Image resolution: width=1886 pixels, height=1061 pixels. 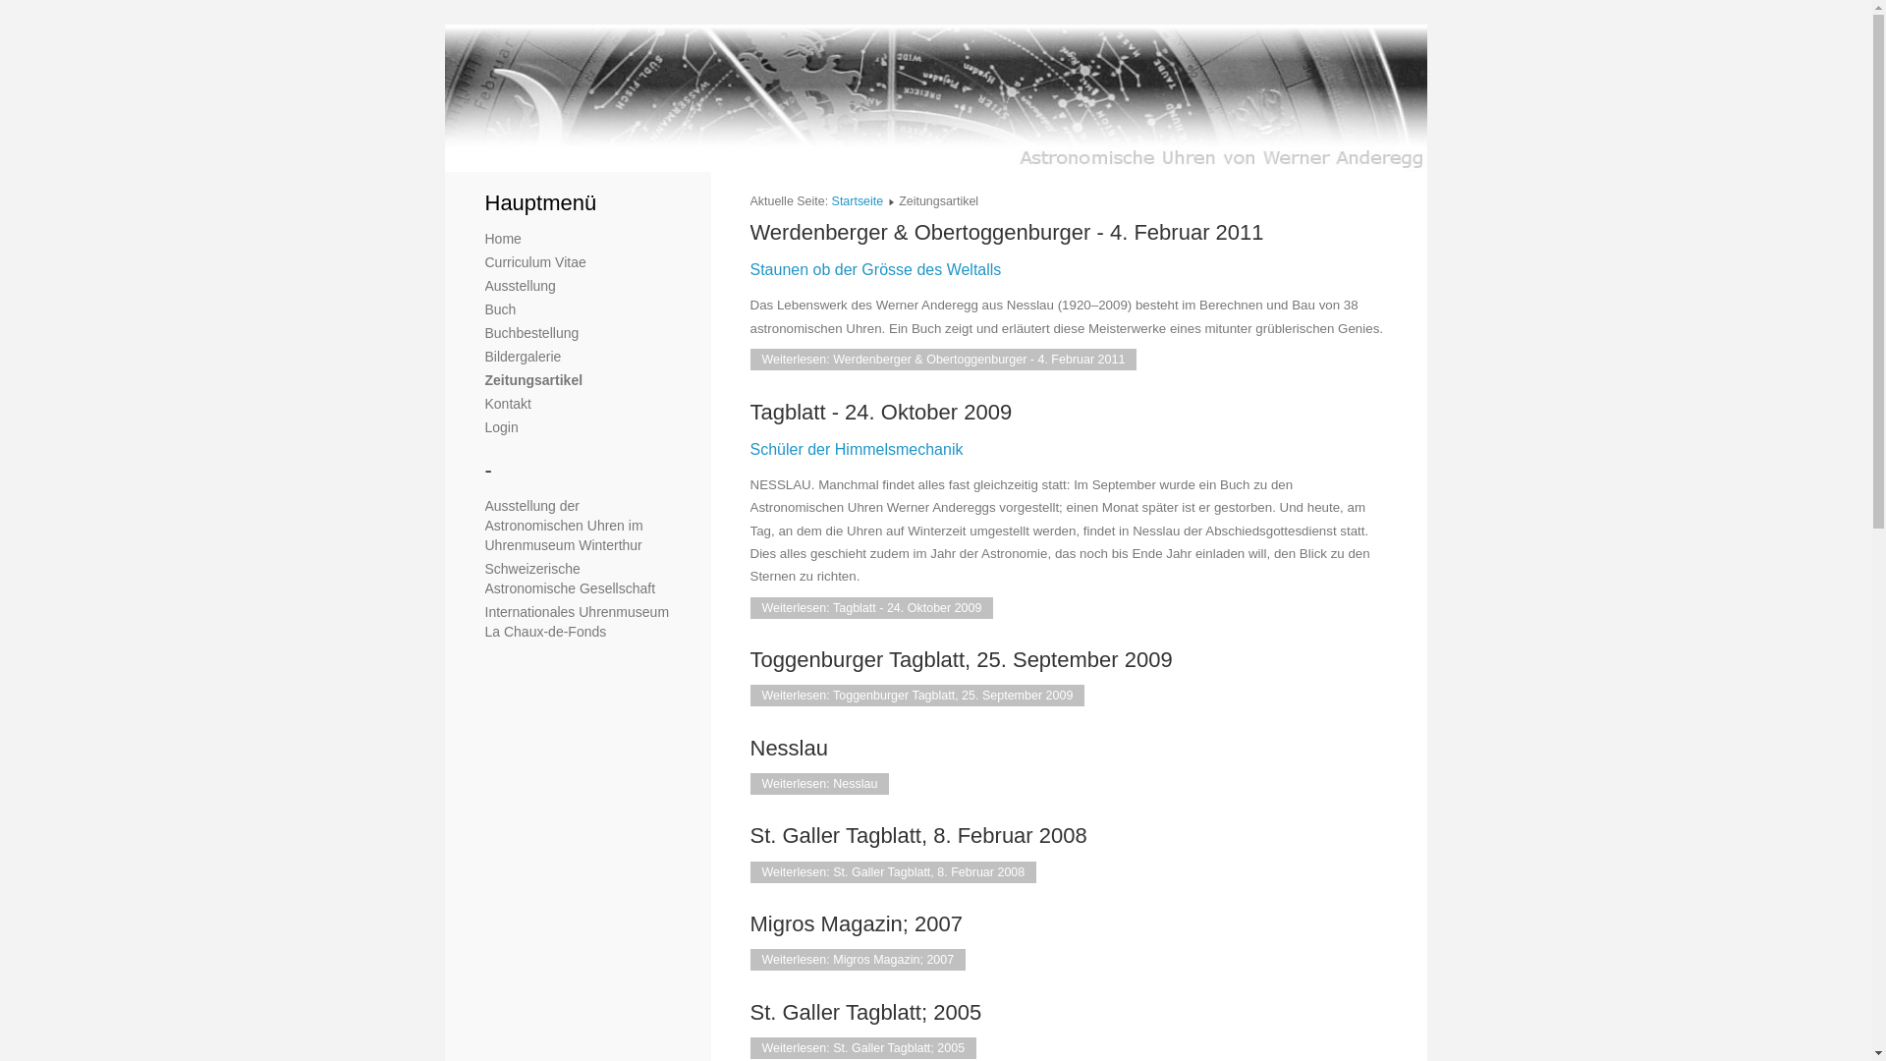 What do you see at coordinates (532, 332) in the screenshot?
I see `'Buchbestellung'` at bounding box center [532, 332].